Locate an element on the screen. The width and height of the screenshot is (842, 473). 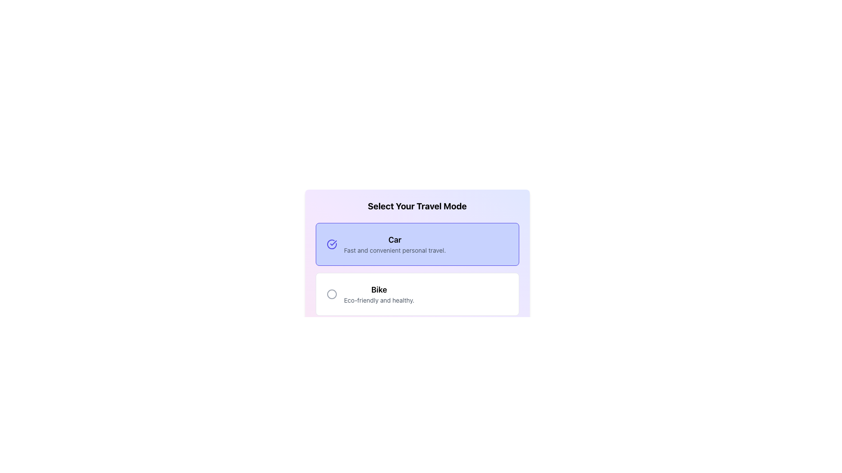
the Text Label element that reads 'Eco-friendly and healthy.', which is styled with smaller gray text and positioned below the 'Bike' label is located at coordinates (379, 300).